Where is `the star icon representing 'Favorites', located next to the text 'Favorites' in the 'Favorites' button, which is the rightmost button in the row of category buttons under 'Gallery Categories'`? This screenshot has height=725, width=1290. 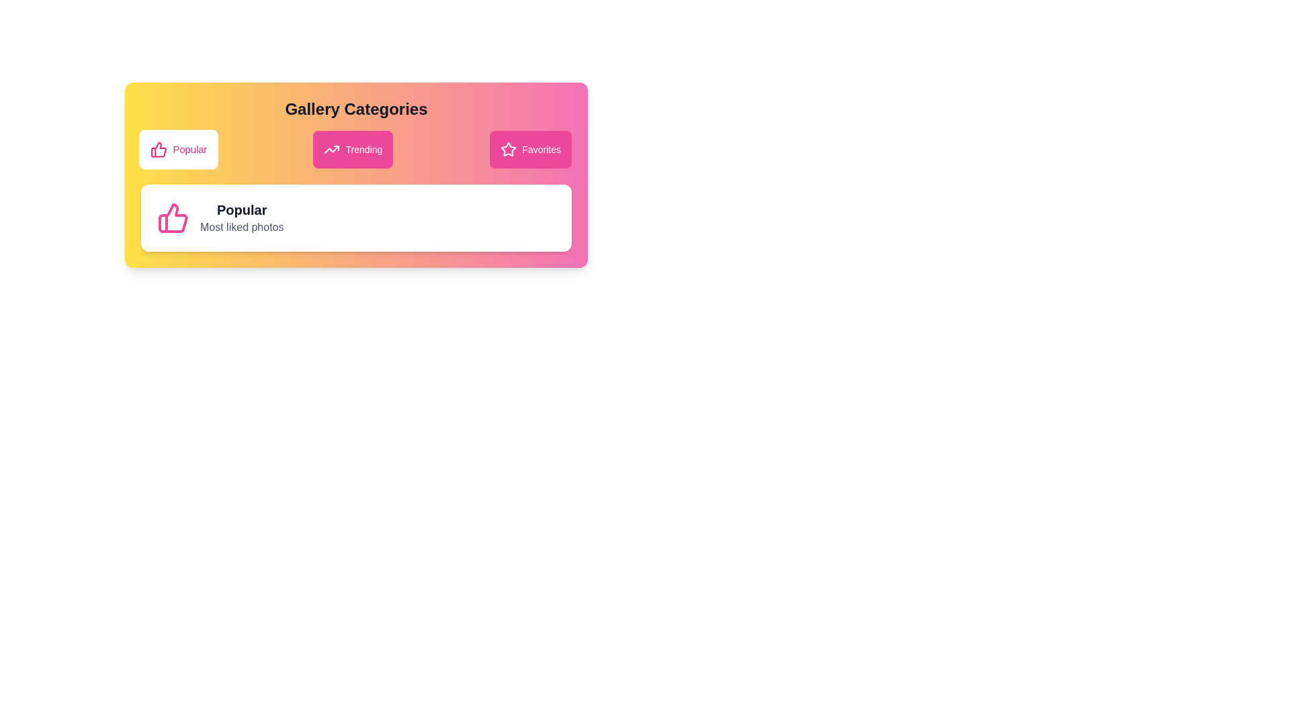 the star icon representing 'Favorites', located next to the text 'Favorites' in the 'Favorites' button, which is the rightmost button in the row of category buttons under 'Gallery Categories' is located at coordinates (508, 150).